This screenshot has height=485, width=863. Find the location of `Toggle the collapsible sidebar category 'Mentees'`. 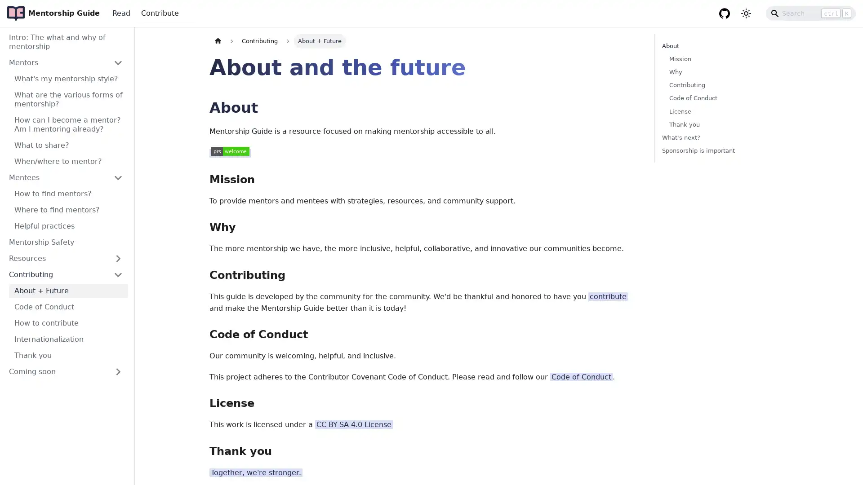

Toggle the collapsible sidebar category 'Mentees' is located at coordinates (118, 178).